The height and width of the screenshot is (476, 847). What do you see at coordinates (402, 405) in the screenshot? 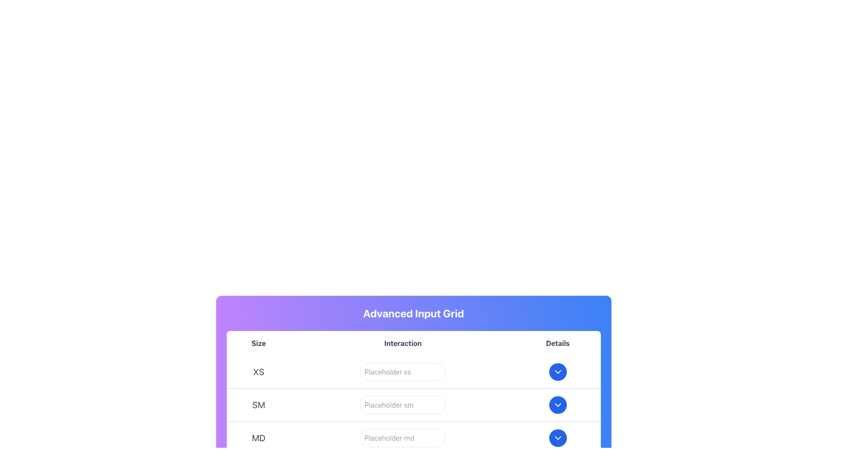
I see `the Text input field labeled 'SM'` at bounding box center [402, 405].